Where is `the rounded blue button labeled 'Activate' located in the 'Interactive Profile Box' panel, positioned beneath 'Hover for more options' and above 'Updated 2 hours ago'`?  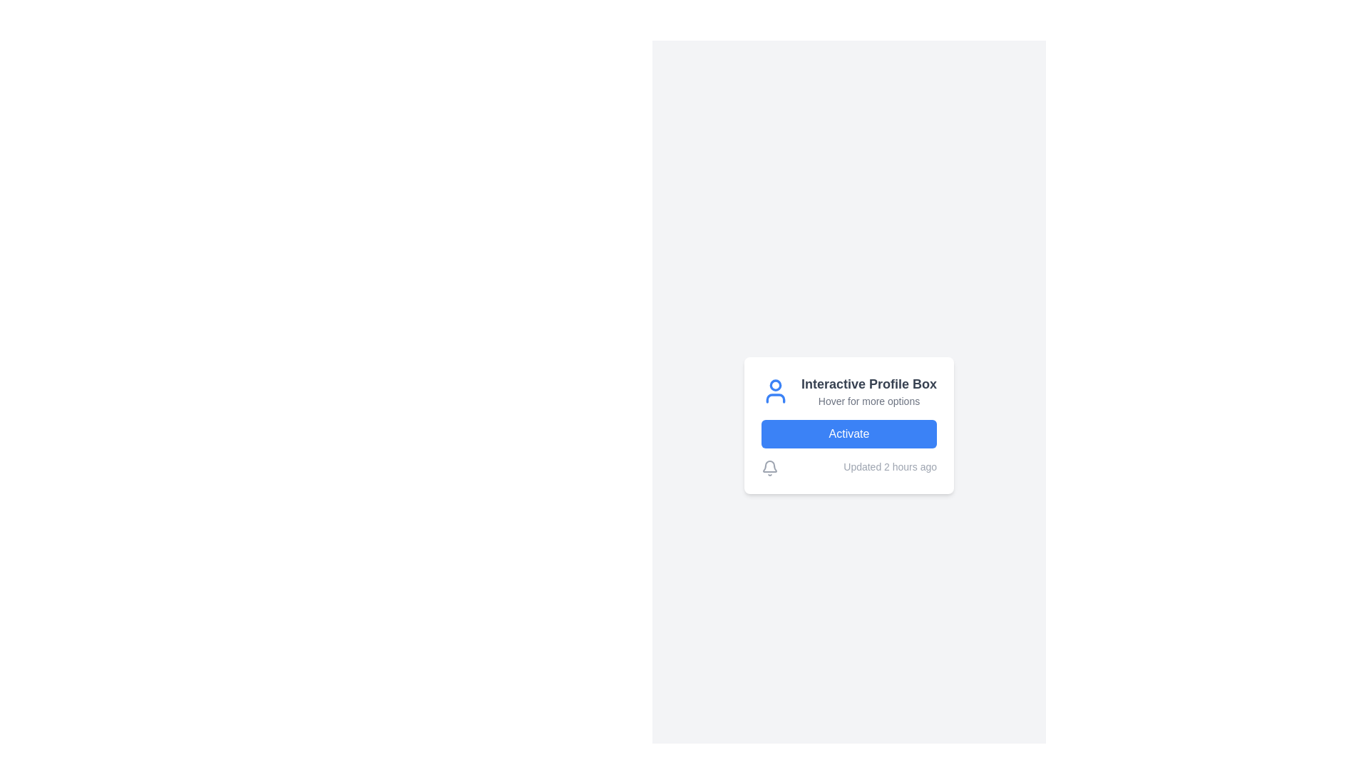 the rounded blue button labeled 'Activate' located in the 'Interactive Profile Box' panel, positioned beneath 'Hover for more options' and above 'Updated 2 hours ago' is located at coordinates (848, 433).